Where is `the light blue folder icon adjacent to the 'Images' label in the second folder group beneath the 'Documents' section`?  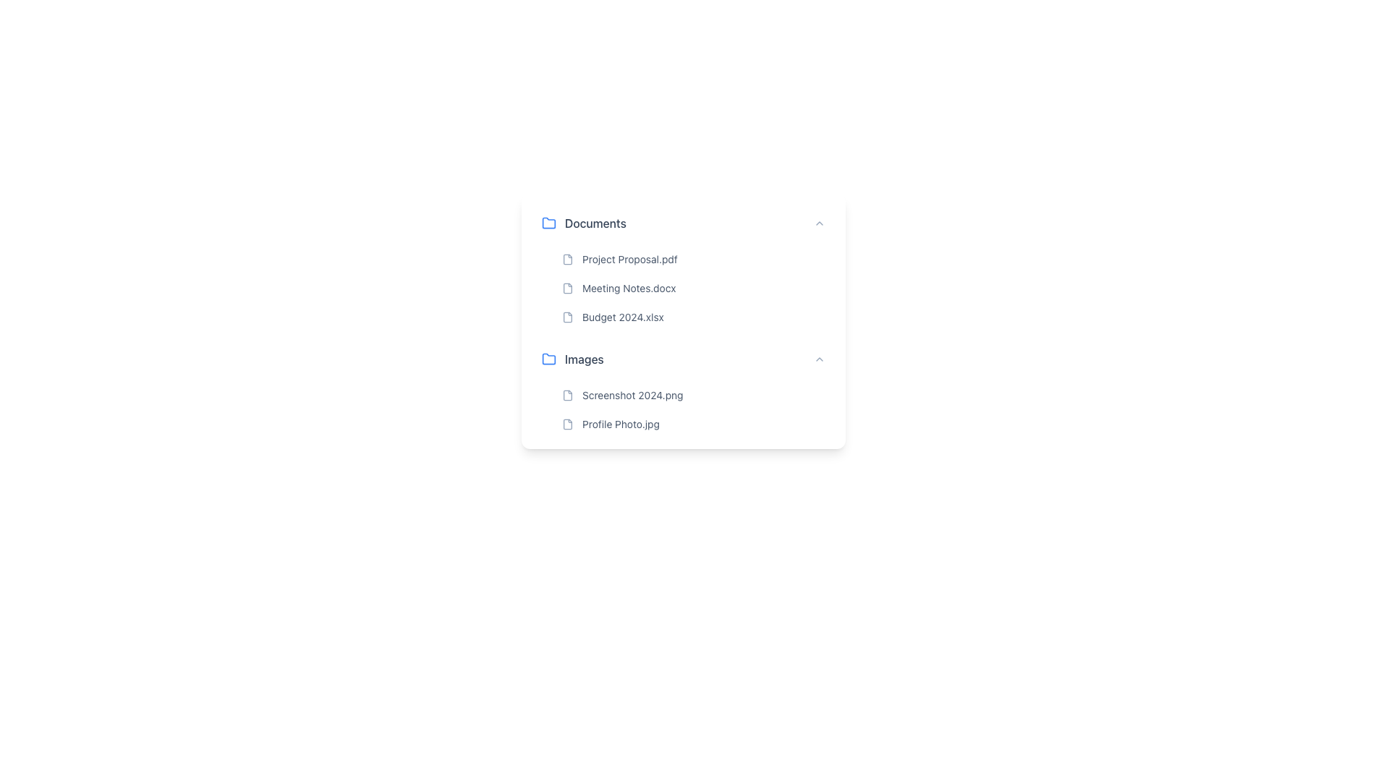
the light blue folder icon adjacent to the 'Images' label in the second folder group beneath the 'Documents' section is located at coordinates (548, 358).